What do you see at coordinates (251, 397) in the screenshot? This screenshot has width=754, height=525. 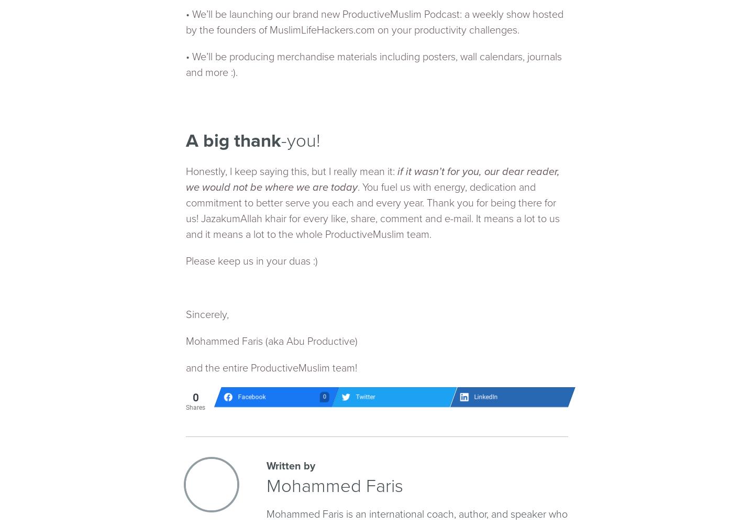 I see `'Facebook'` at bounding box center [251, 397].